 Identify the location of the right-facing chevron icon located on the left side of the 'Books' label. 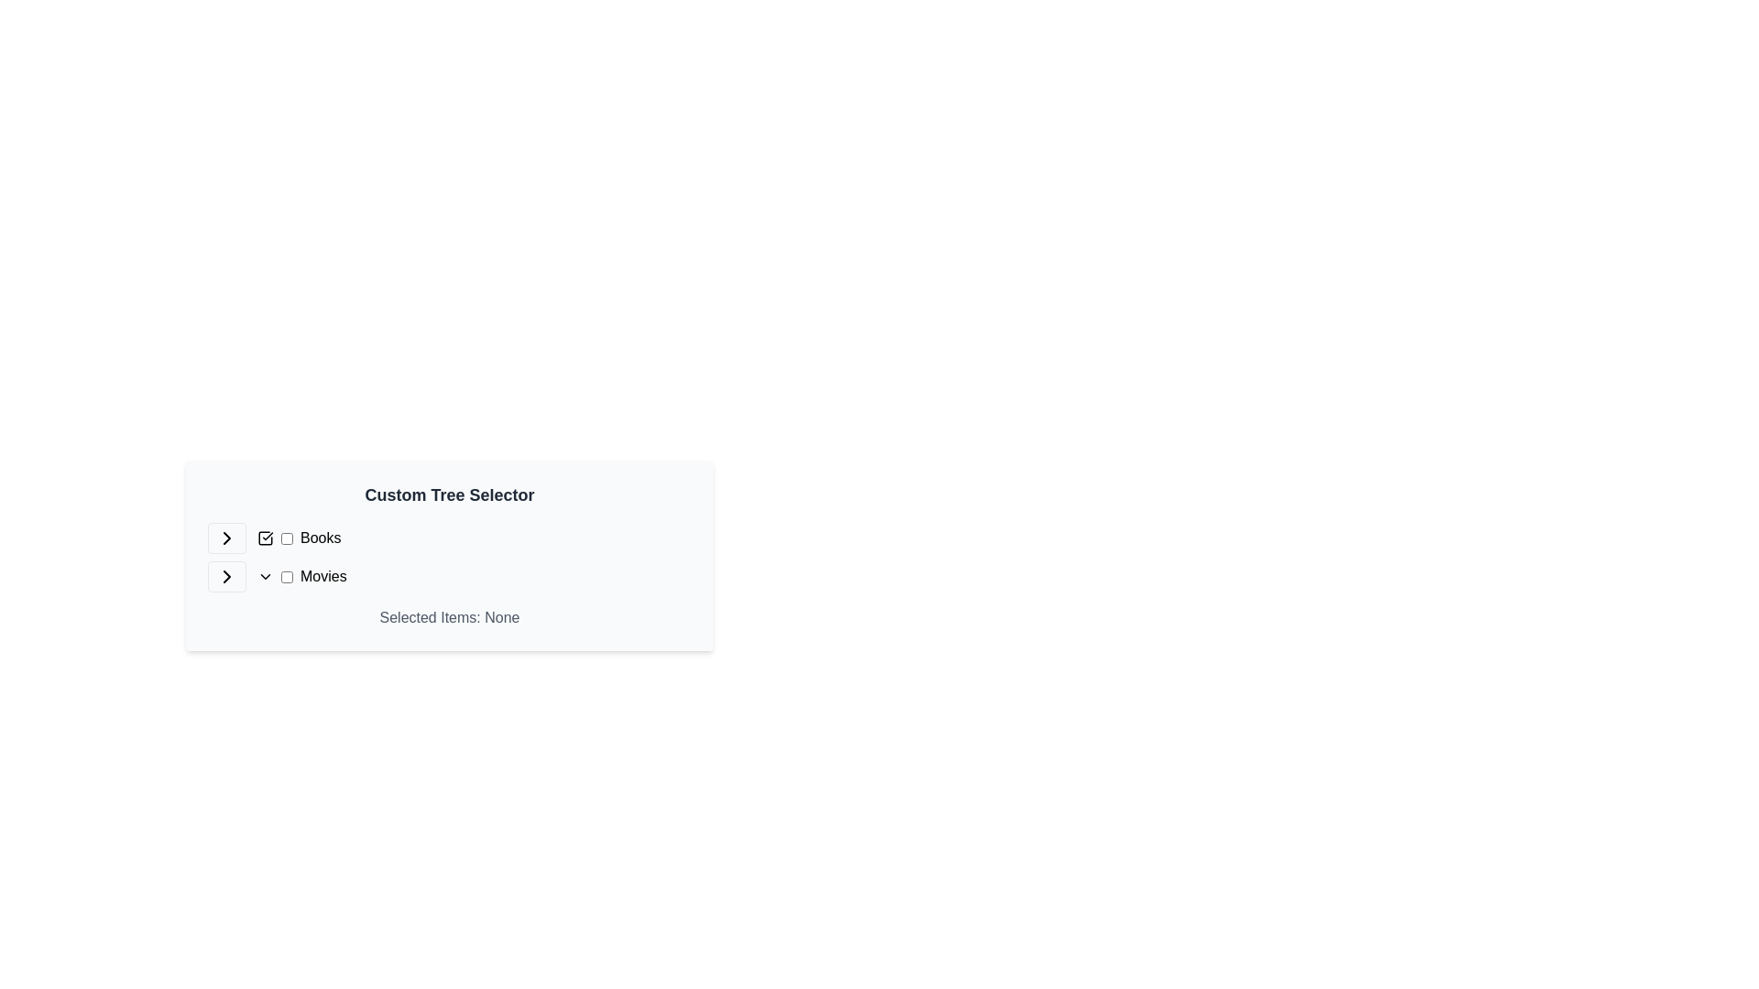
(226, 537).